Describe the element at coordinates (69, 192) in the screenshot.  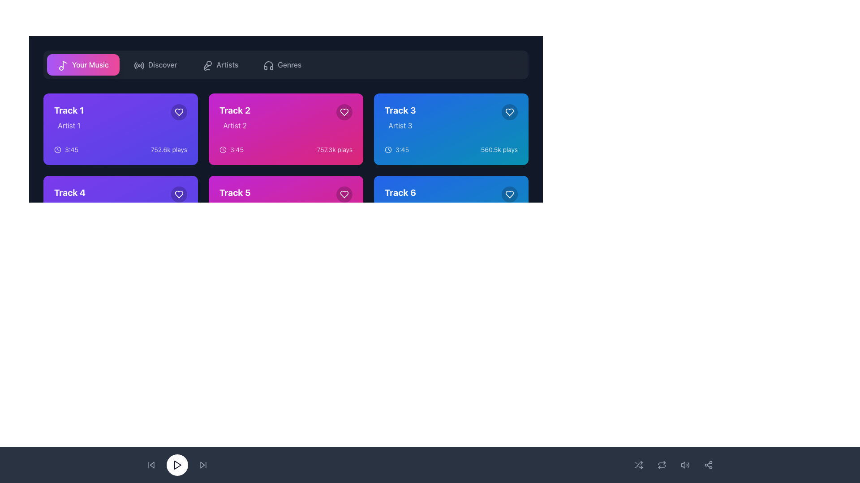
I see `the text label indicating 'Track 4', which serves as the title of a music track and is located at the center of the card in the second row and first column of the grid layout` at that location.